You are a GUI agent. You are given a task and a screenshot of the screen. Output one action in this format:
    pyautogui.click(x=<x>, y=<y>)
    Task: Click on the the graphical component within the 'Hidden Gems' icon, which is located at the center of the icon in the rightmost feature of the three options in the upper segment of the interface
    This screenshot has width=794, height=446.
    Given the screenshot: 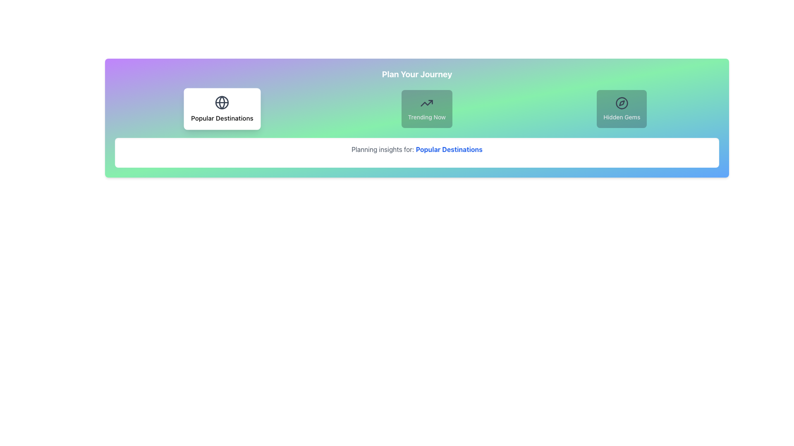 What is the action you would take?
    pyautogui.click(x=622, y=103)
    